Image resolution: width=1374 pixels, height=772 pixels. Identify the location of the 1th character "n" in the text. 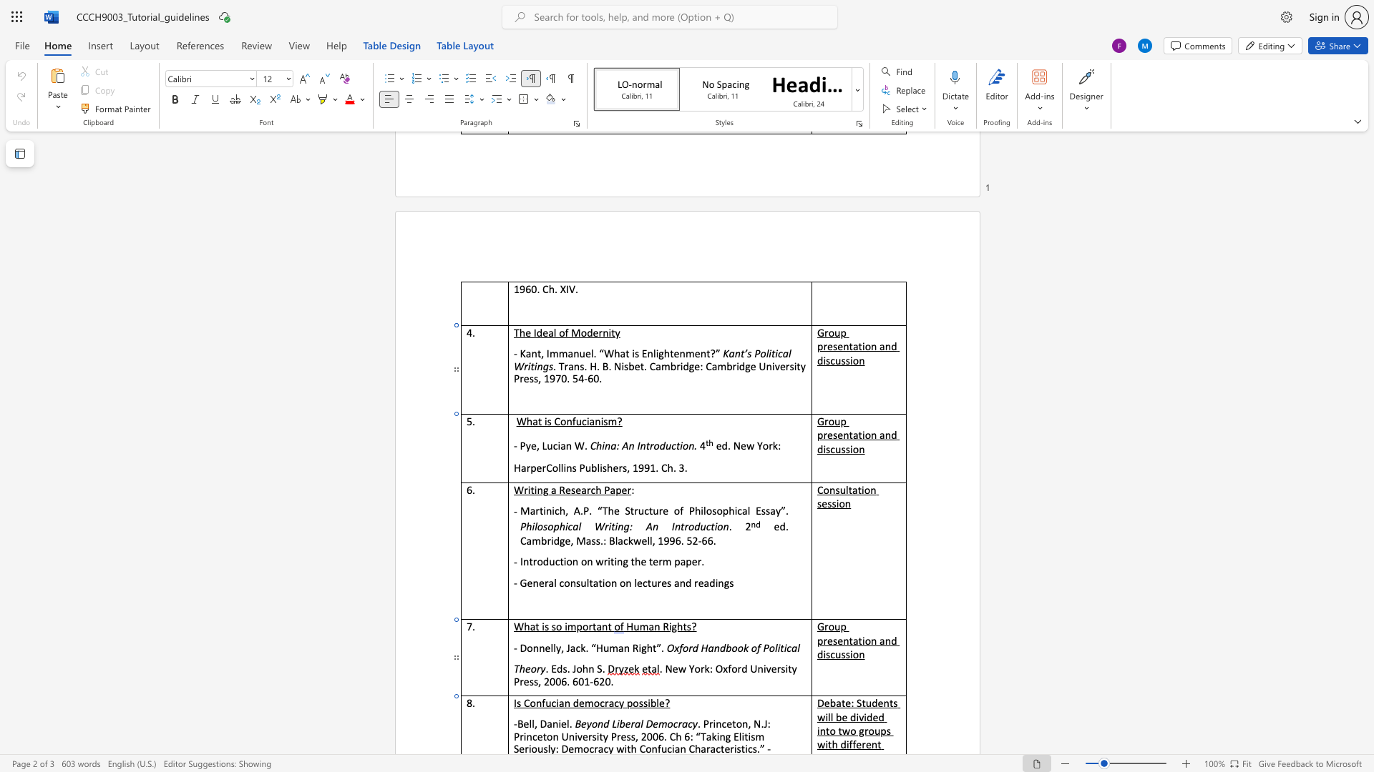
(608, 445).